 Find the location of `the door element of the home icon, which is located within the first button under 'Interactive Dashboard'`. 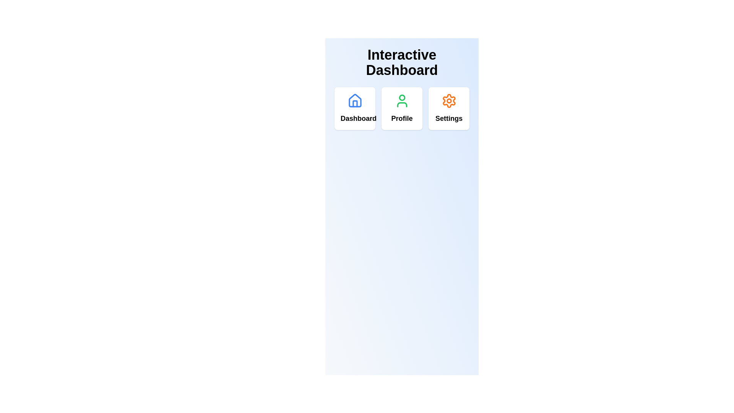

the door element of the home icon, which is located within the first button under 'Interactive Dashboard' is located at coordinates (354, 104).